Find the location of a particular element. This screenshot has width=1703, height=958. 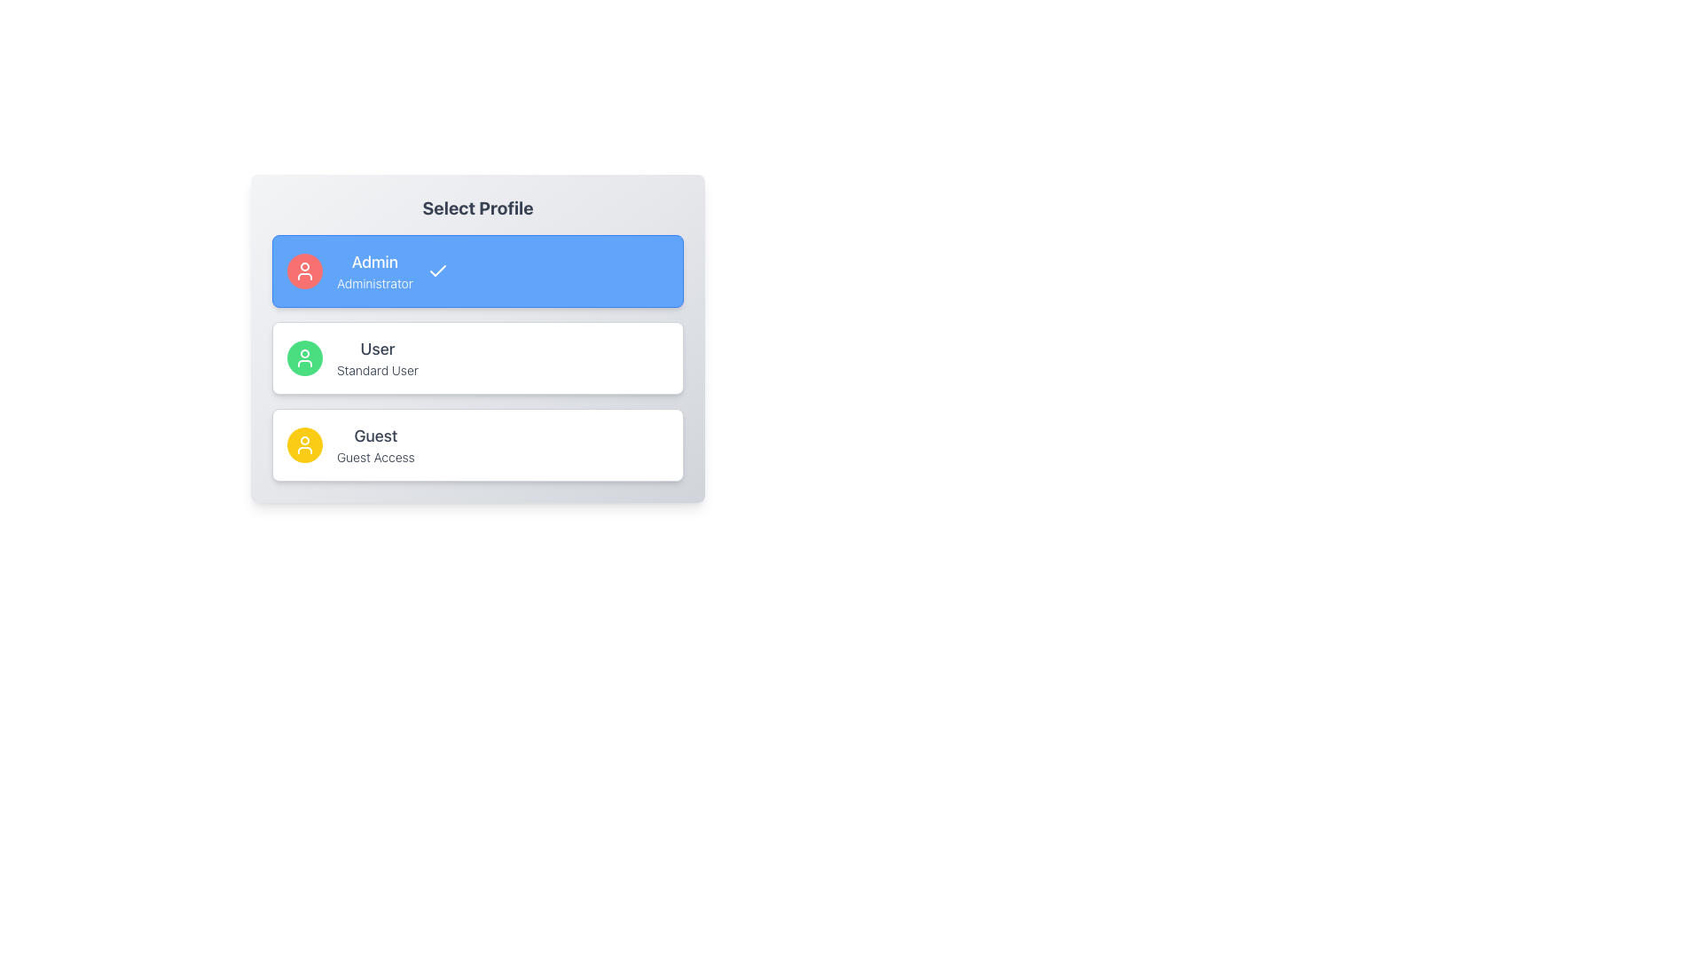

user type label located in the second profile option of the profile selection module, which is positioned between the 'Admin' and 'Guest' profile entries is located at coordinates (377, 358).